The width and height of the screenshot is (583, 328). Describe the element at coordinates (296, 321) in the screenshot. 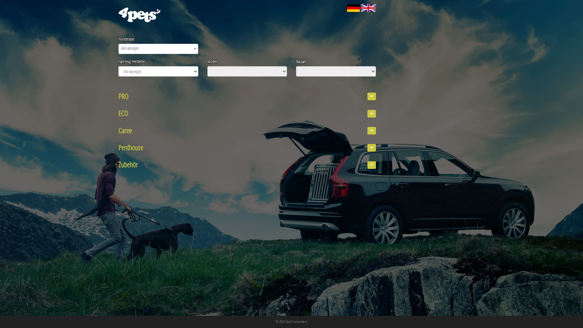

I see `'4pets Switzerland'` at that location.